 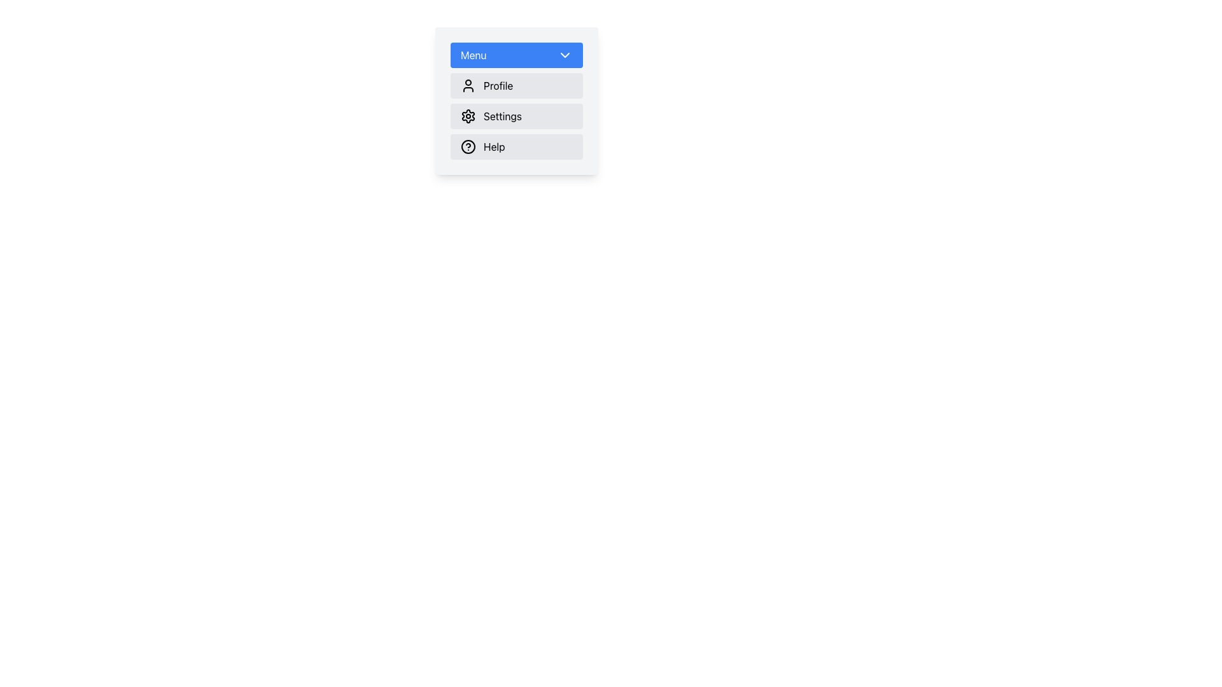 I want to click on the user silhouette icon located within the 'Profile' button in the dropdown menu, positioned to the left of the text label, so click(x=467, y=86).